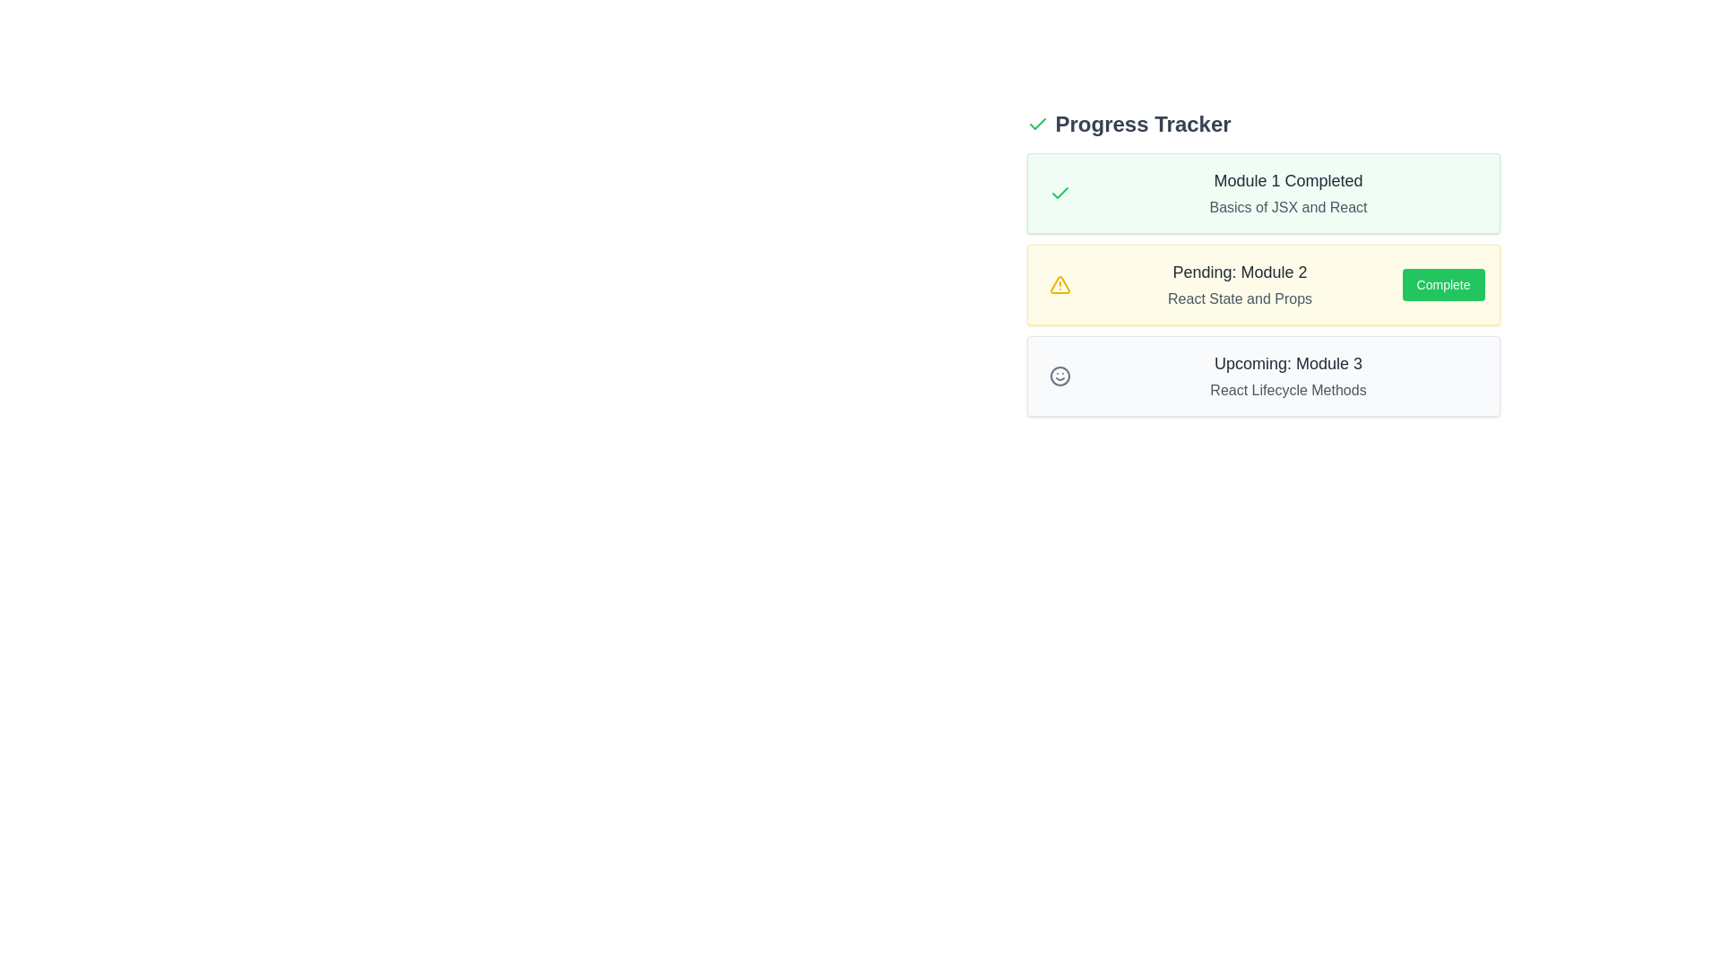  What do you see at coordinates (1142, 123) in the screenshot?
I see `the progress tracker title label` at bounding box center [1142, 123].